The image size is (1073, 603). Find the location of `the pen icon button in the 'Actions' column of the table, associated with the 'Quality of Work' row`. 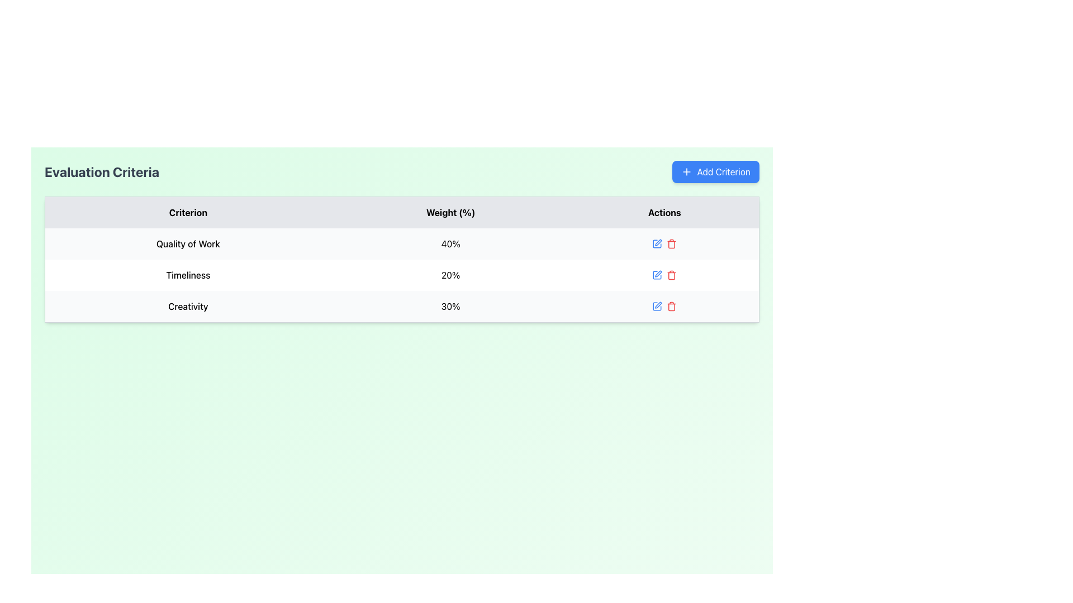

the pen icon button in the 'Actions' column of the table, associated with the 'Quality of Work' row is located at coordinates (658, 242).